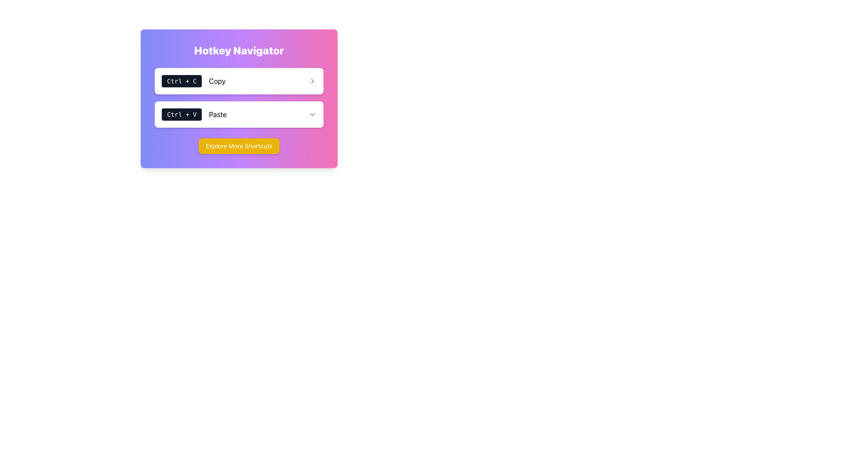 Image resolution: width=844 pixels, height=474 pixels. Describe the element at coordinates (239, 145) in the screenshot. I see `the yellow button labeled 'Explore More Shortcuts' which is located under the 'Ctrl + C Copy' and 'Ctrl + V Paste' boxes` at that location.